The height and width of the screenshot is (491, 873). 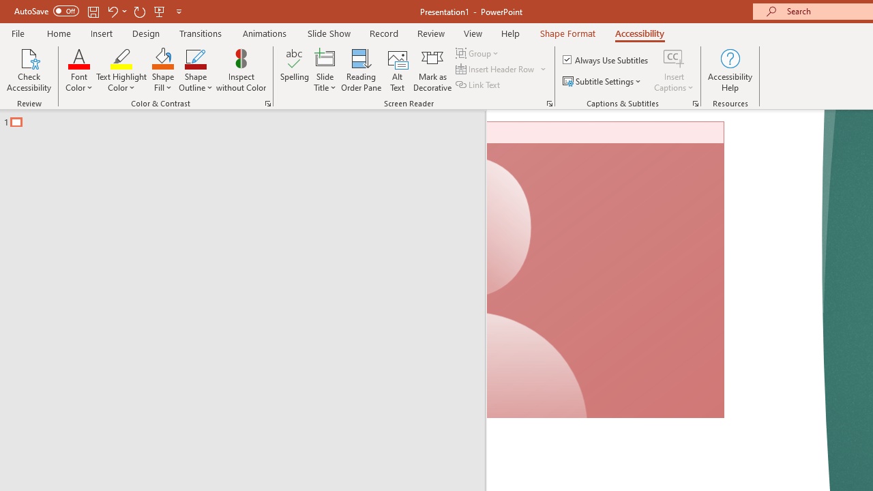 What do you see at coordinates (430, 33) in the screenshot?
I see `'Review'` at bounding box center [430, 33].